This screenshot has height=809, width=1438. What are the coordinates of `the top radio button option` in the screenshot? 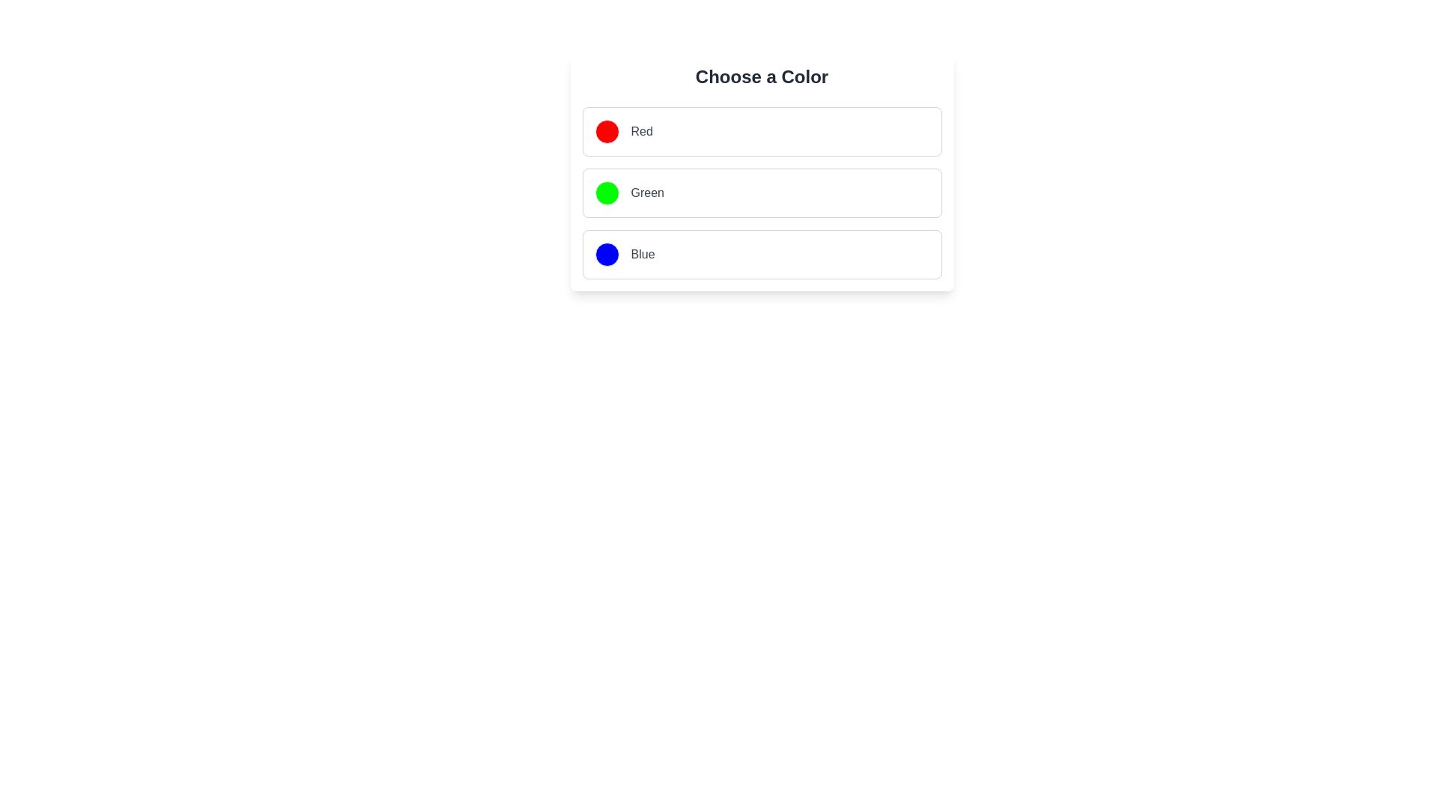 It's located at (762, 131).